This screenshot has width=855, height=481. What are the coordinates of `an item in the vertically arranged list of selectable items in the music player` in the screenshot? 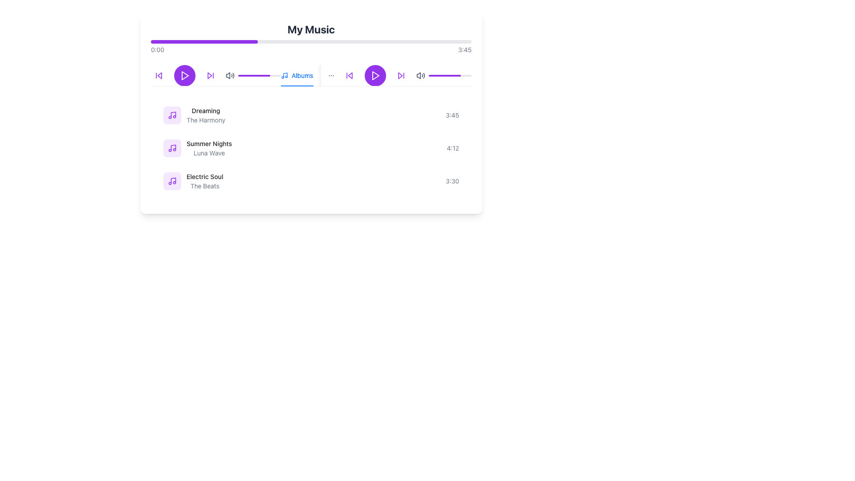 It's located at (311, 147).